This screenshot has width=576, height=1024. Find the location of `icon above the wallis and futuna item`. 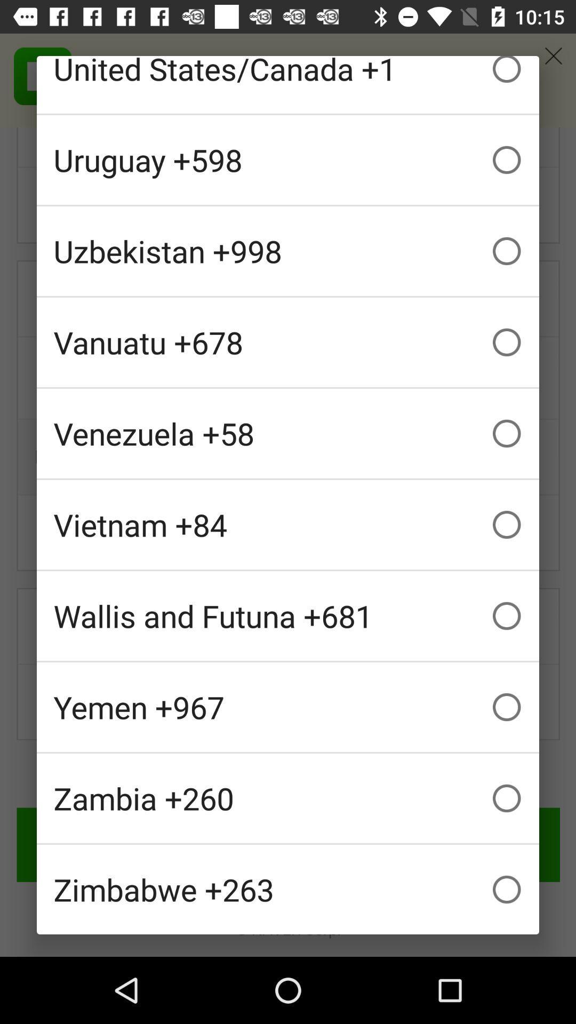

icon above the wallis and futuna item is located at coordinates (288, 524).